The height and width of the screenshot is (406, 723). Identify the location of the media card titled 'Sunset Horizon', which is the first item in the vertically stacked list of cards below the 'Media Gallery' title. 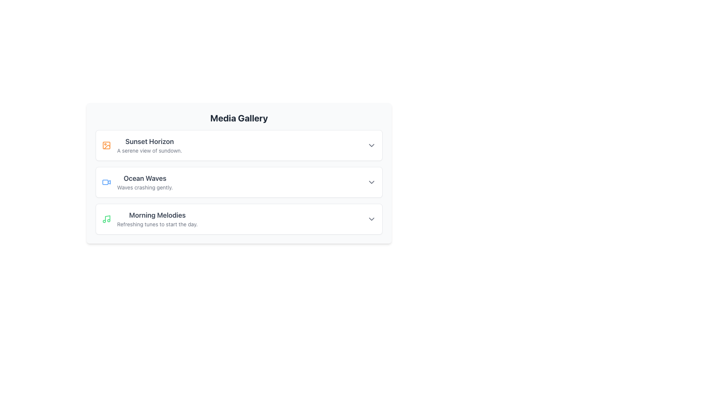
(238, 145).